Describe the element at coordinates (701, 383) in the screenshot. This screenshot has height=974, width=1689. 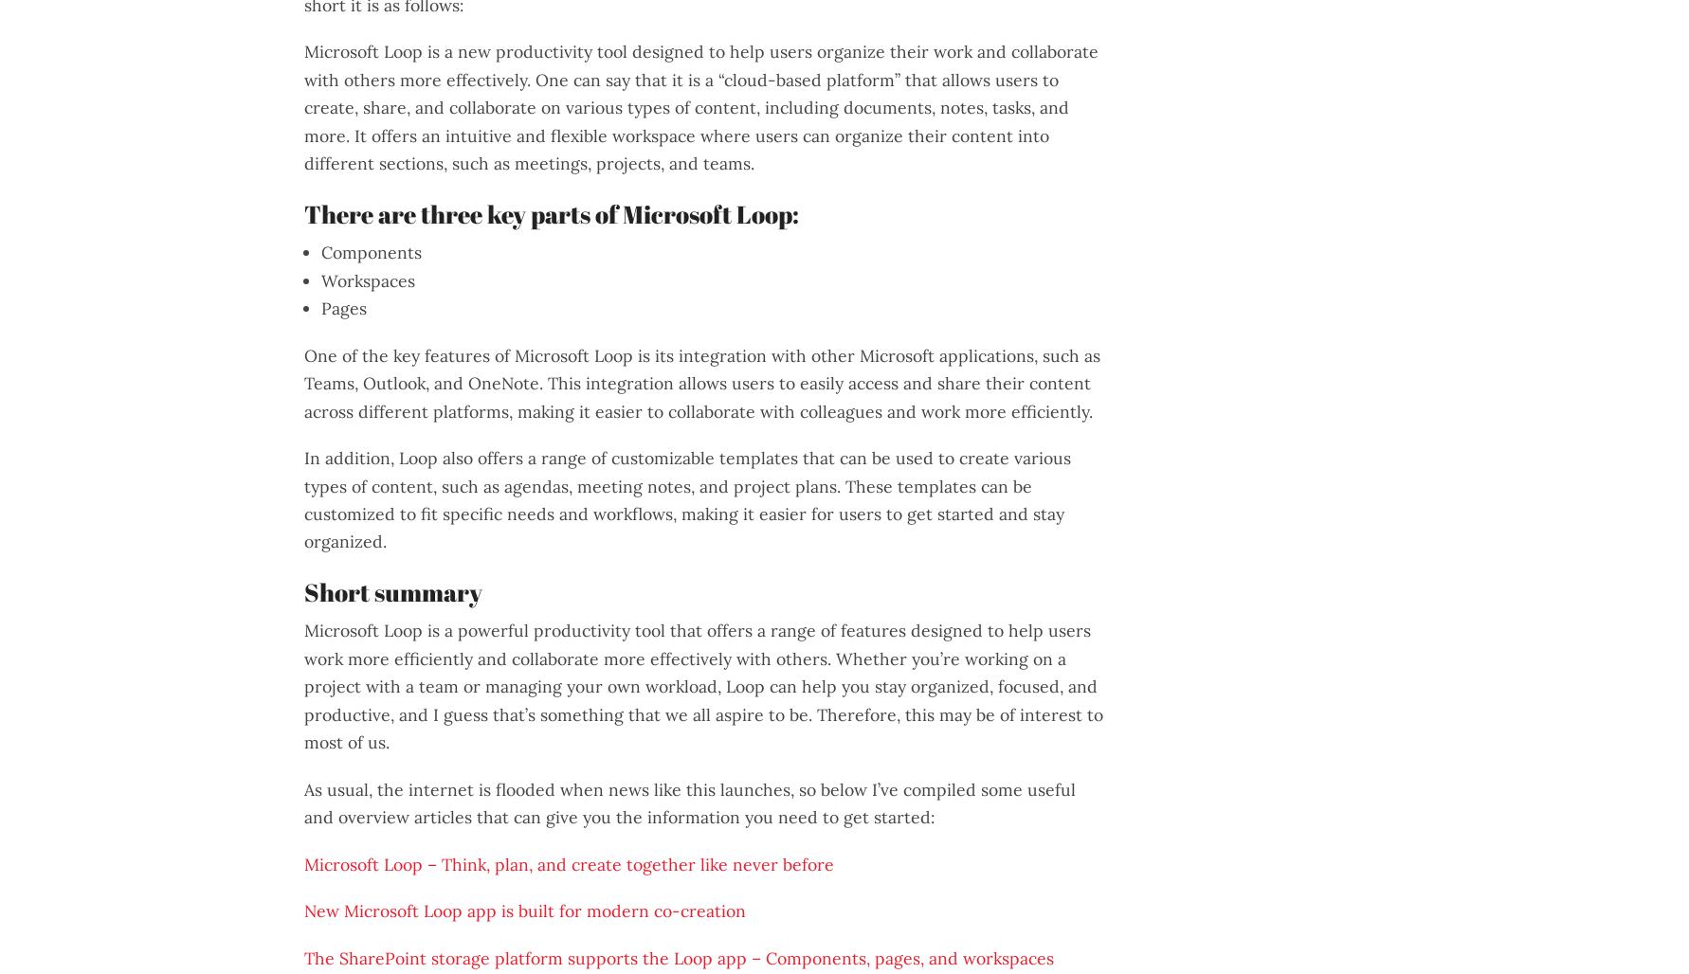
I see `'One of the key features of Microsoft Loop is its integration with other Microsoft applications, such as Teams, Outlook, and OneNote. This integration allows users to easily access and share their content across different platforms, making it easier to collaborate with colleagues and work more efficiently.'` at that location.